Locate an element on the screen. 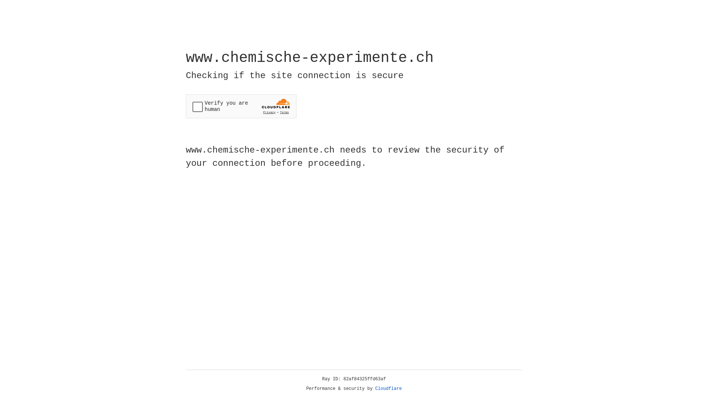 The height and width of the screenshot is (398, 708). 'Cloudflare' is located at coordinates (388, 388).